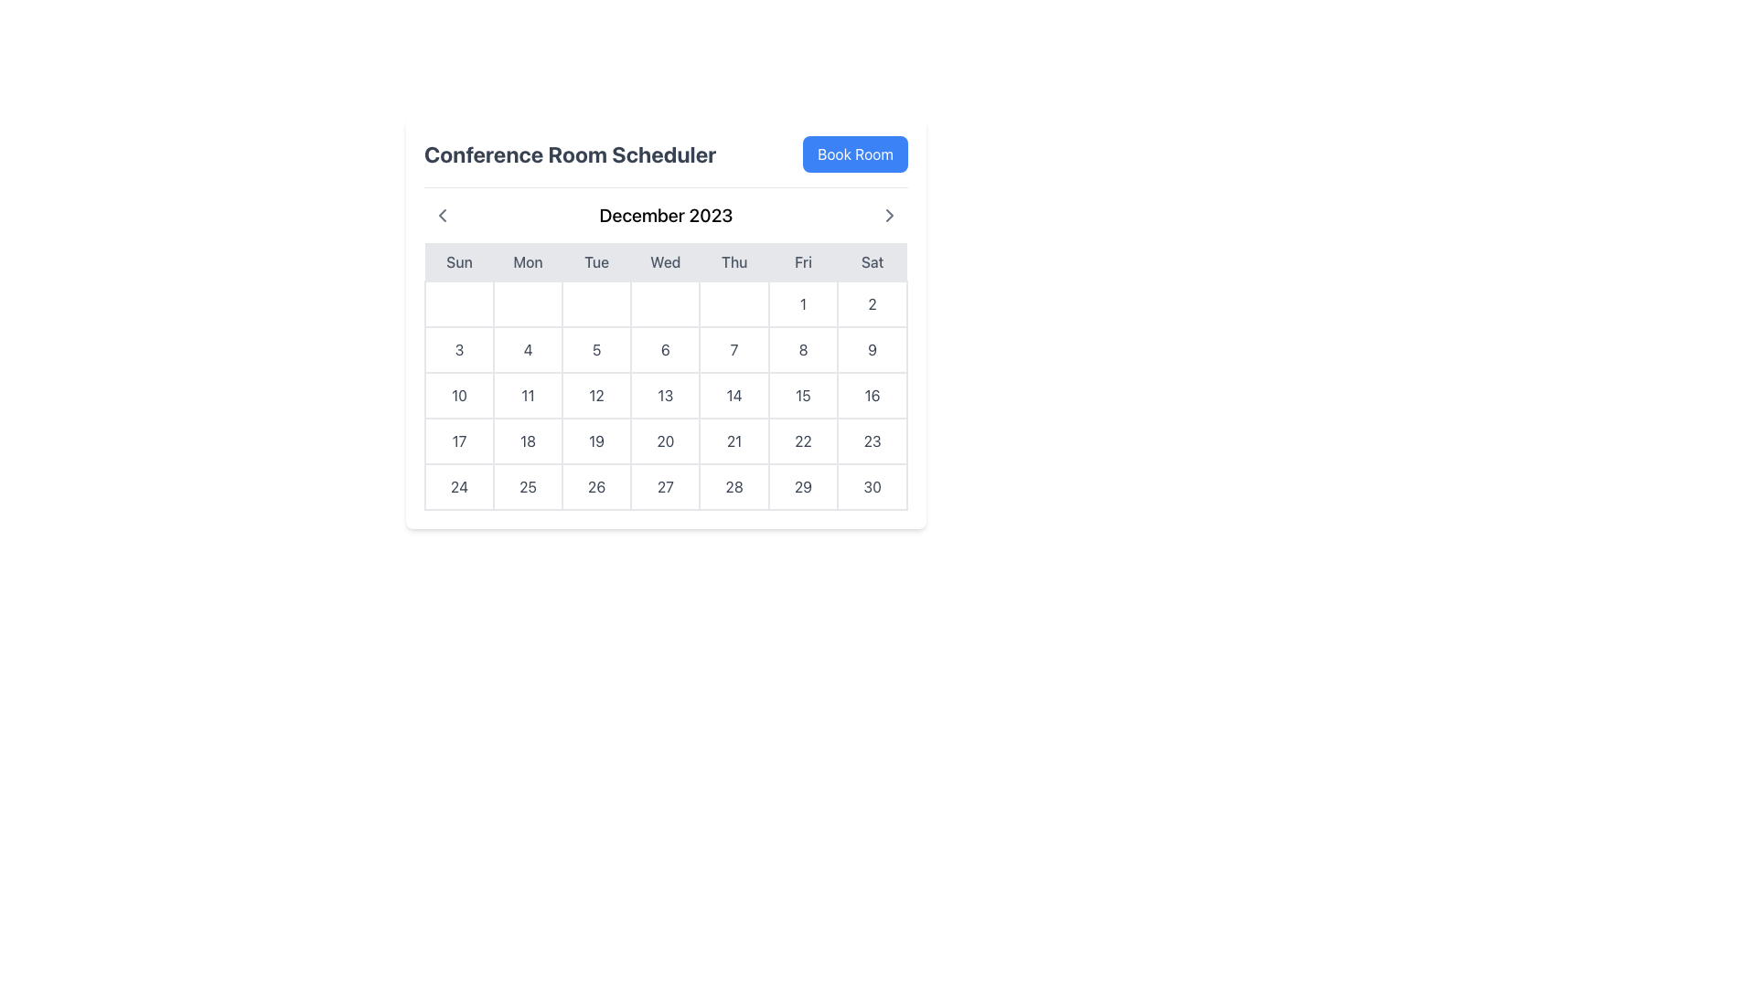 The height and width of the screenshot is (987, 1756). What do you see at coordinates (890, 214) in the screenshot?
I see `the navigation button located in the upper-right corner of the calendar interface, adjacent to the 'December 2023' header` at bounding box center [890, 214].